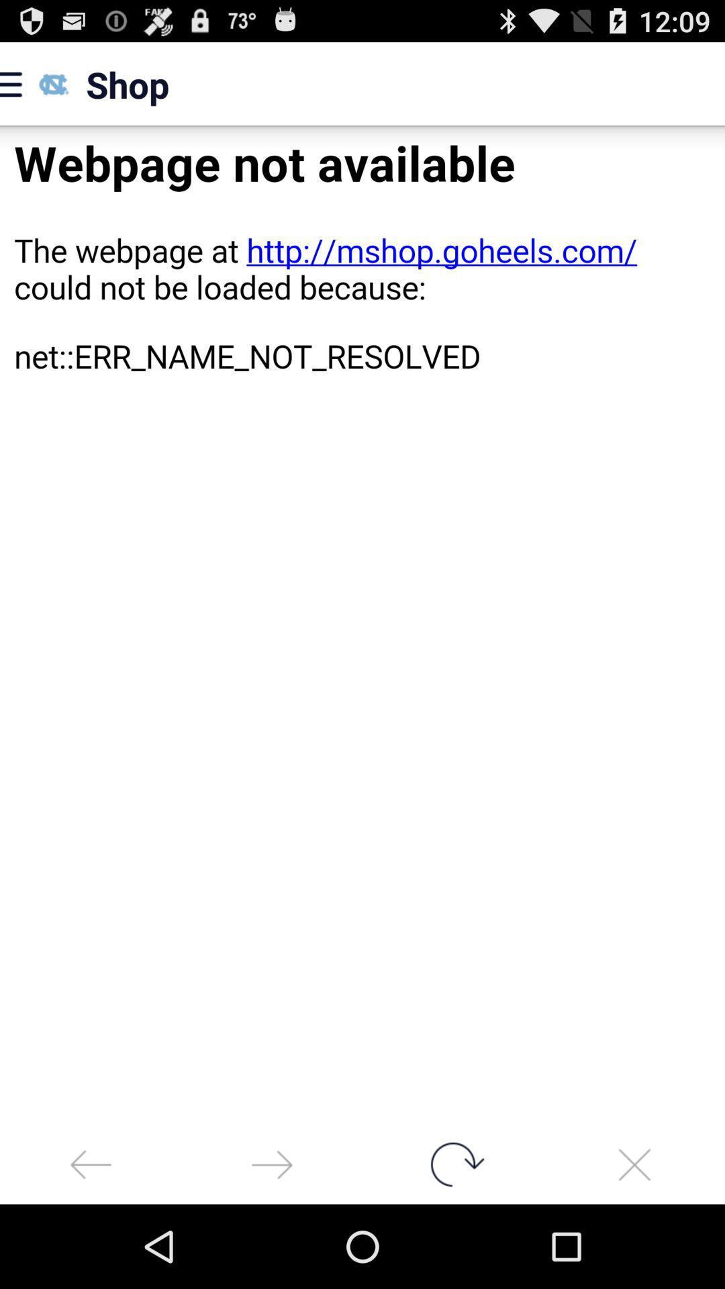 Image resolution: width=725 pixels, height=1289 pixels. Describe the element at coordinates (362, 625) in the screenshot. I see `error` at that location.